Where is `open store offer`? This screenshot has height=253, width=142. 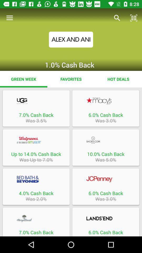
open store offer is located at coordinates (36, 218).